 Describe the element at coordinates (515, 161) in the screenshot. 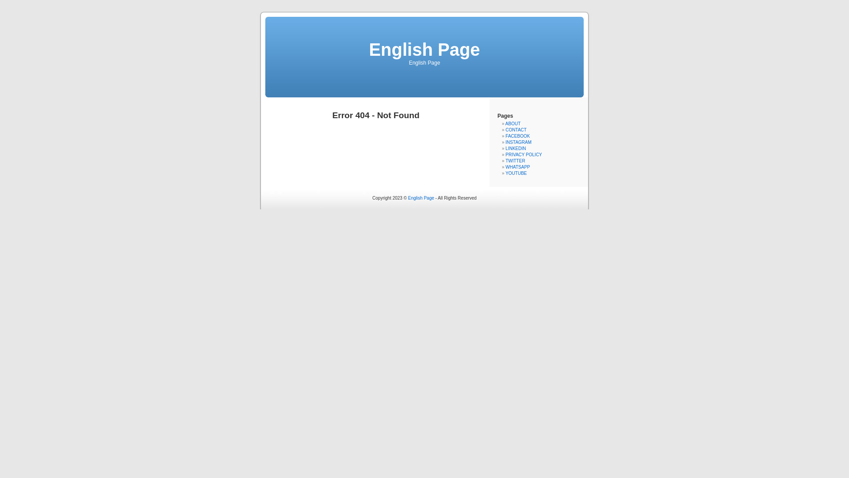

I see `'TWITTER'` at that location.